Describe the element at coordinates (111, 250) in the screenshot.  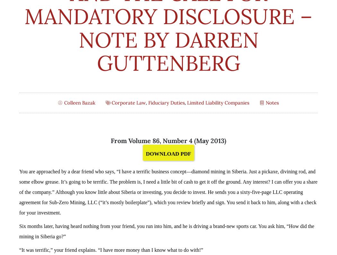
I see `'“It was terrific,” your friend explains. “I have more money than I know what to do with!”'` at that location.